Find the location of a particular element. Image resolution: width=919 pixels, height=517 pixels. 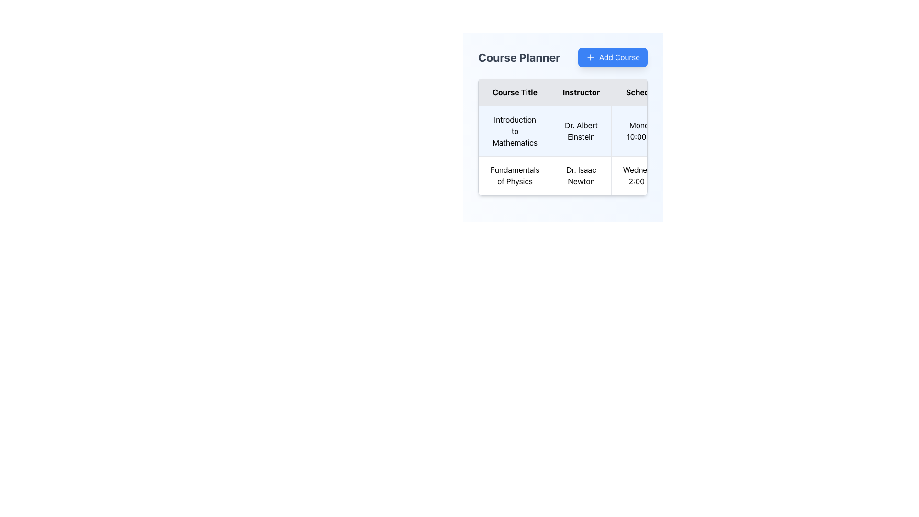

the 'Course Title' text label which is displayed in bold within a gray cell background, located in the first column of the table header row is located at coordinates (515, 92).